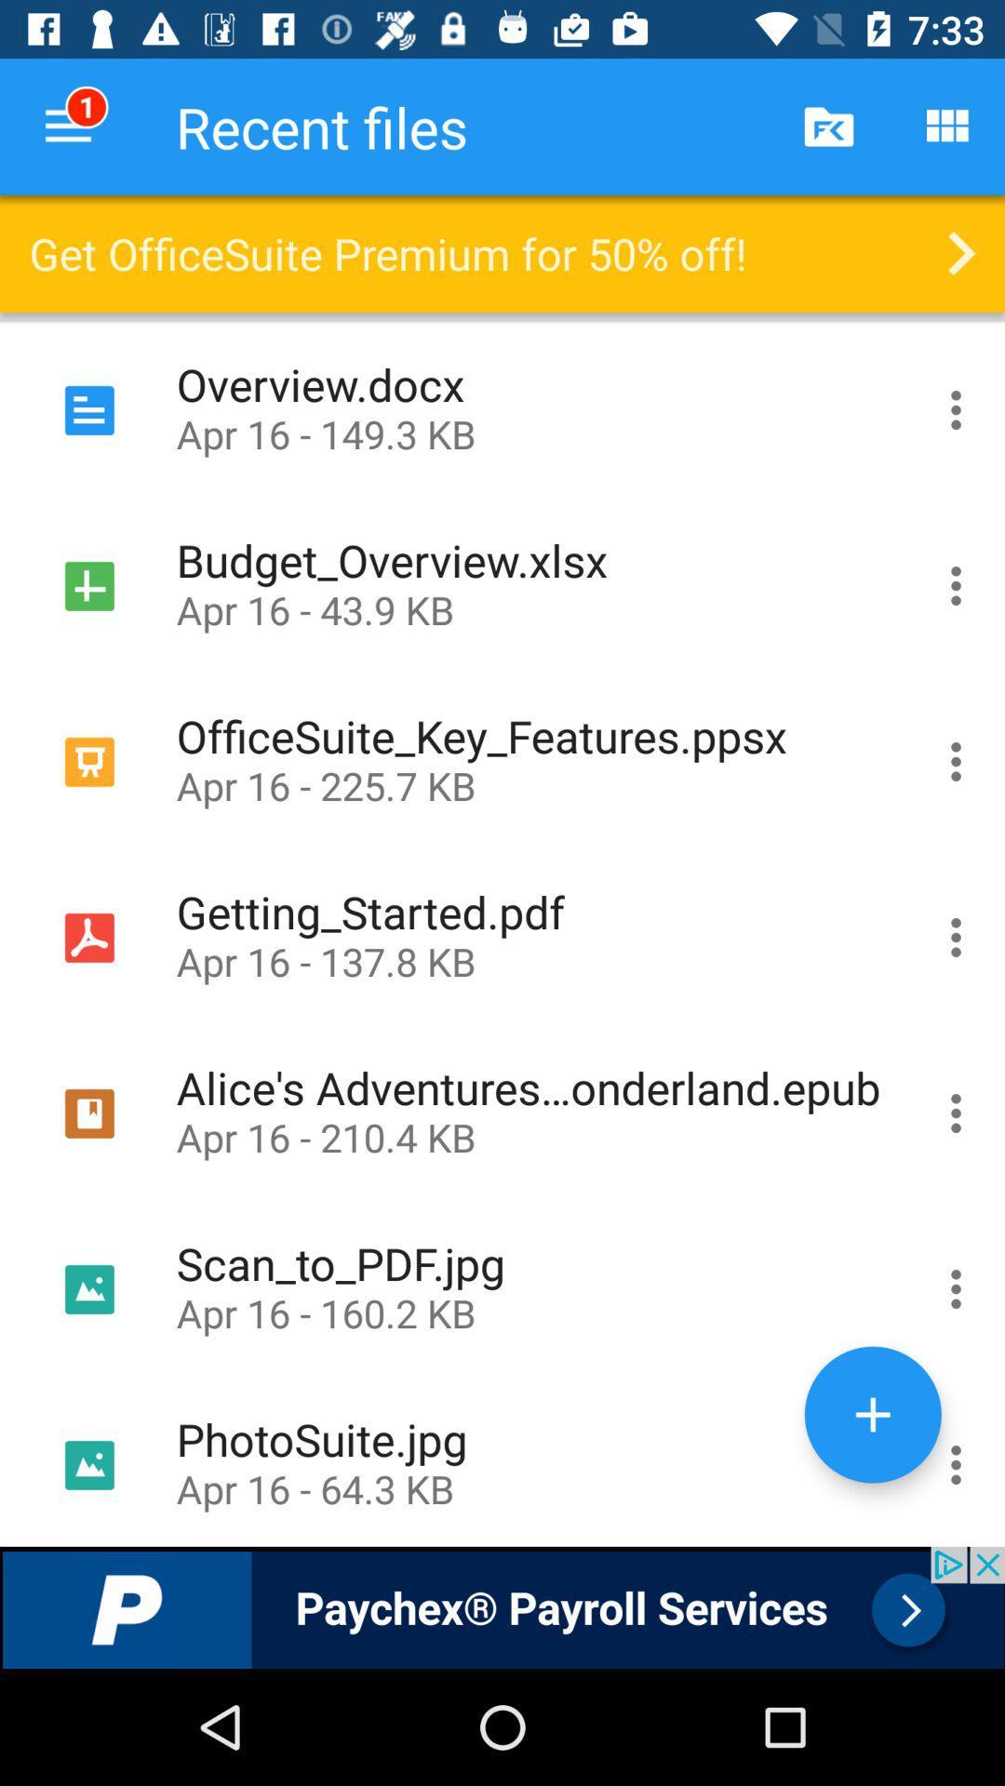 This screenshot has height=1786, width=1005. I want to click on scan to pdf, so click(956, 1288).